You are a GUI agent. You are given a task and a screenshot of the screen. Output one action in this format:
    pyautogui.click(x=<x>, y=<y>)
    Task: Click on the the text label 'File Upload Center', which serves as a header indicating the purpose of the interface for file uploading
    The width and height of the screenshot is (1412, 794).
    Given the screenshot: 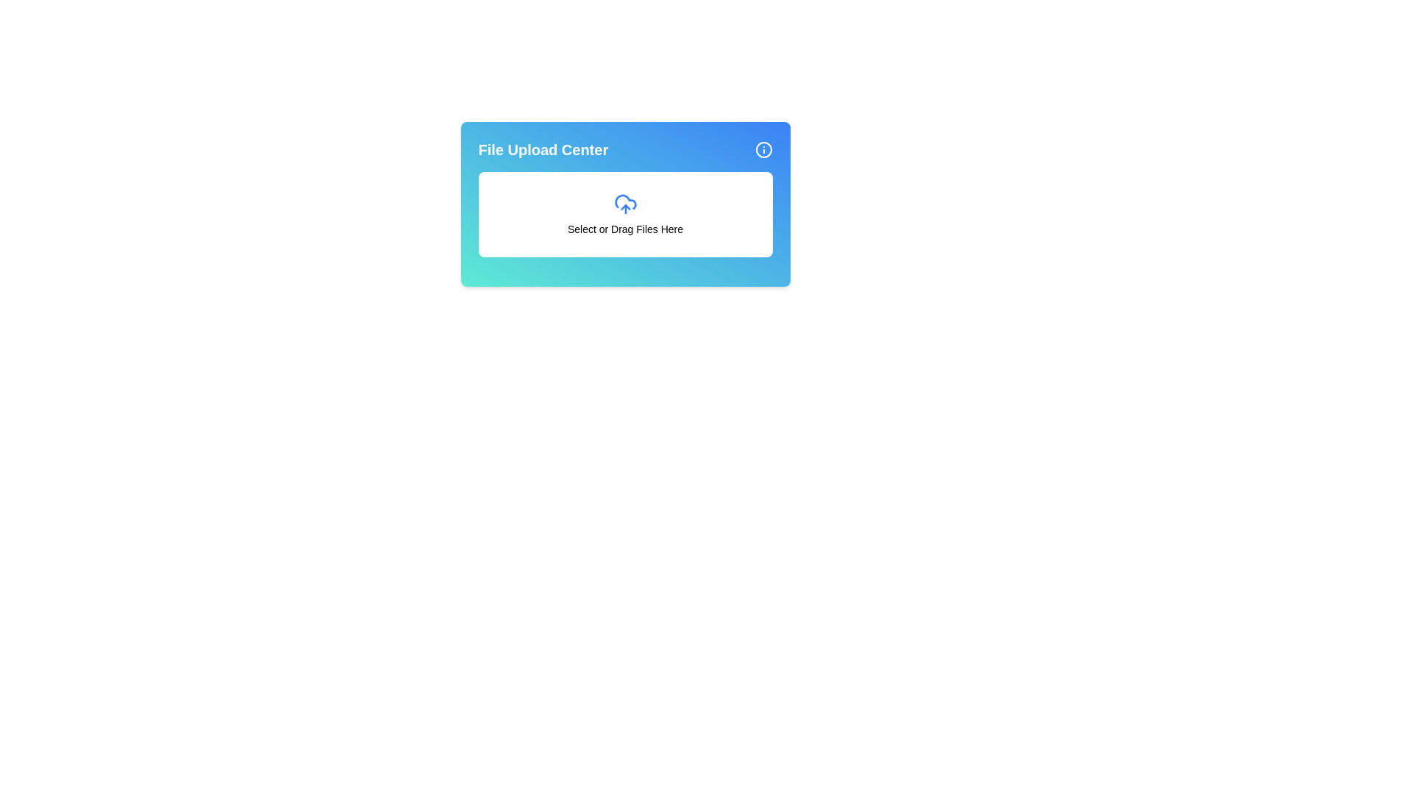 What is the action you would take?
    pyautogui.click(x=542, y=150)
    